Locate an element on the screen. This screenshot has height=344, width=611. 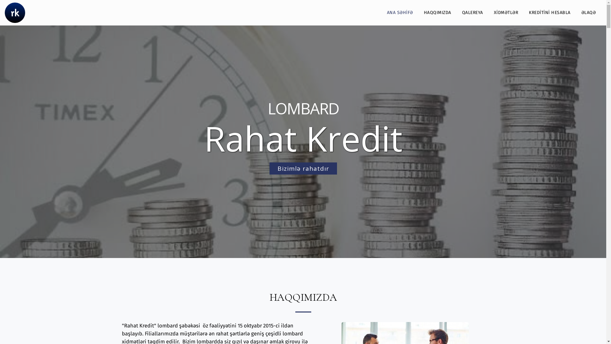
'HAQQIMIZDA' is located at coordinates (437, 12).